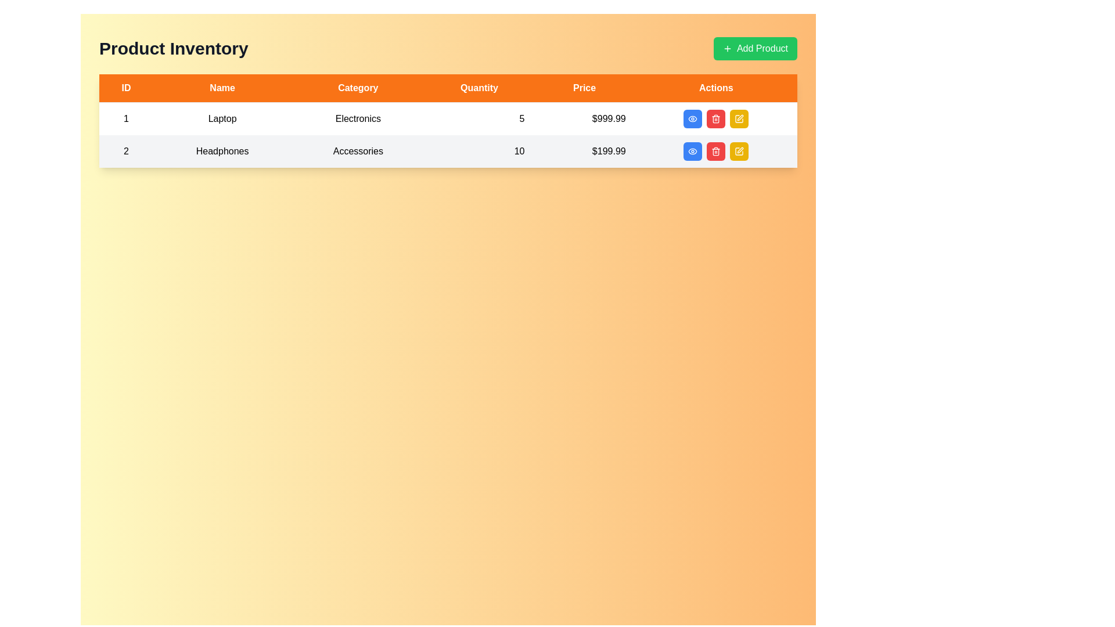 The width and height of the screenshot is (1115, 627). Describe the element at coordinates (222, 118) in the screenshot. I see `the text label displaying 'Laptop' in the 'Name' column of the table` at that location.